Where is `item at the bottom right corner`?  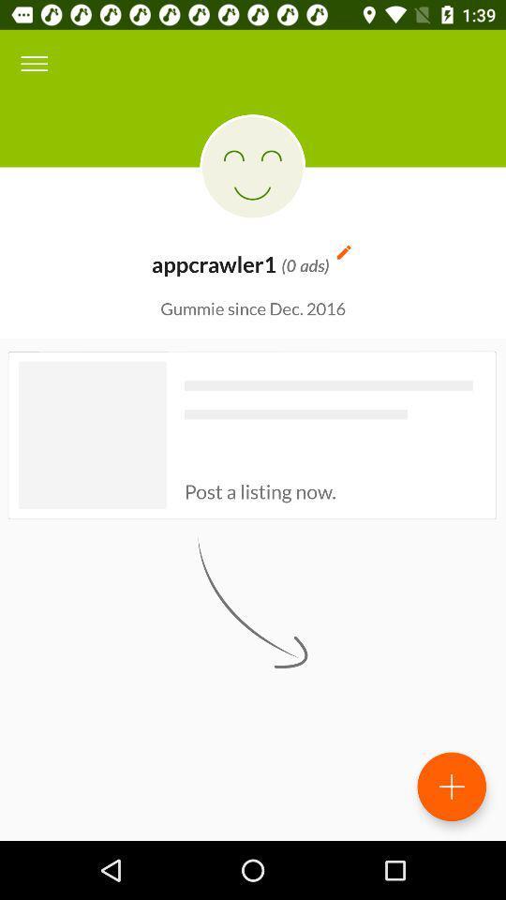
item at the bottom right corner is located at coordinates (451, 787).